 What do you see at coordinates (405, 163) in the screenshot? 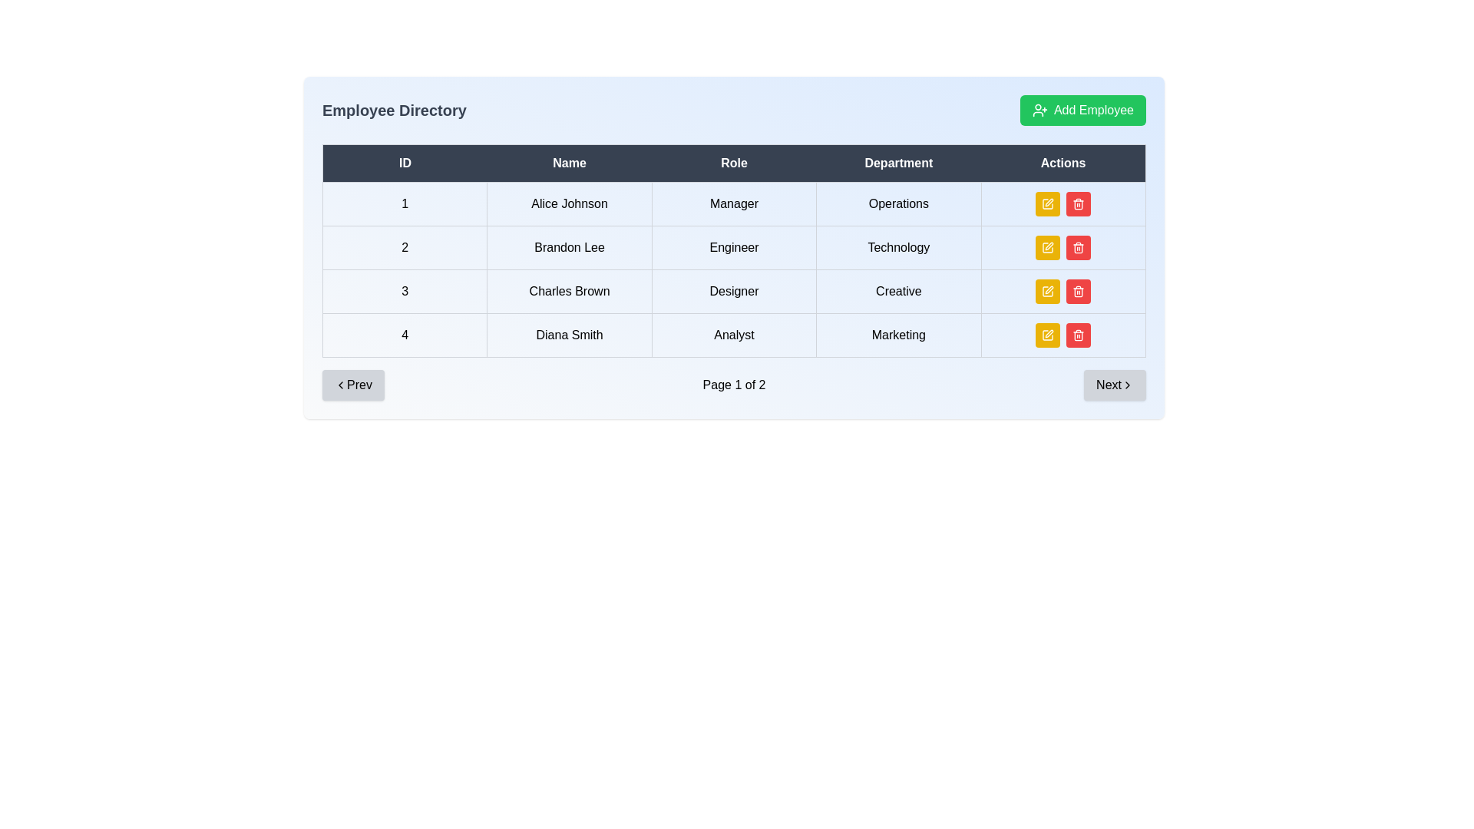
I see `the ID column header cell in the table, which is the first header in a row that includes 'Name,' 'Role,' 'Department,' and 'Actions.'` at bounding box center [405, 163].